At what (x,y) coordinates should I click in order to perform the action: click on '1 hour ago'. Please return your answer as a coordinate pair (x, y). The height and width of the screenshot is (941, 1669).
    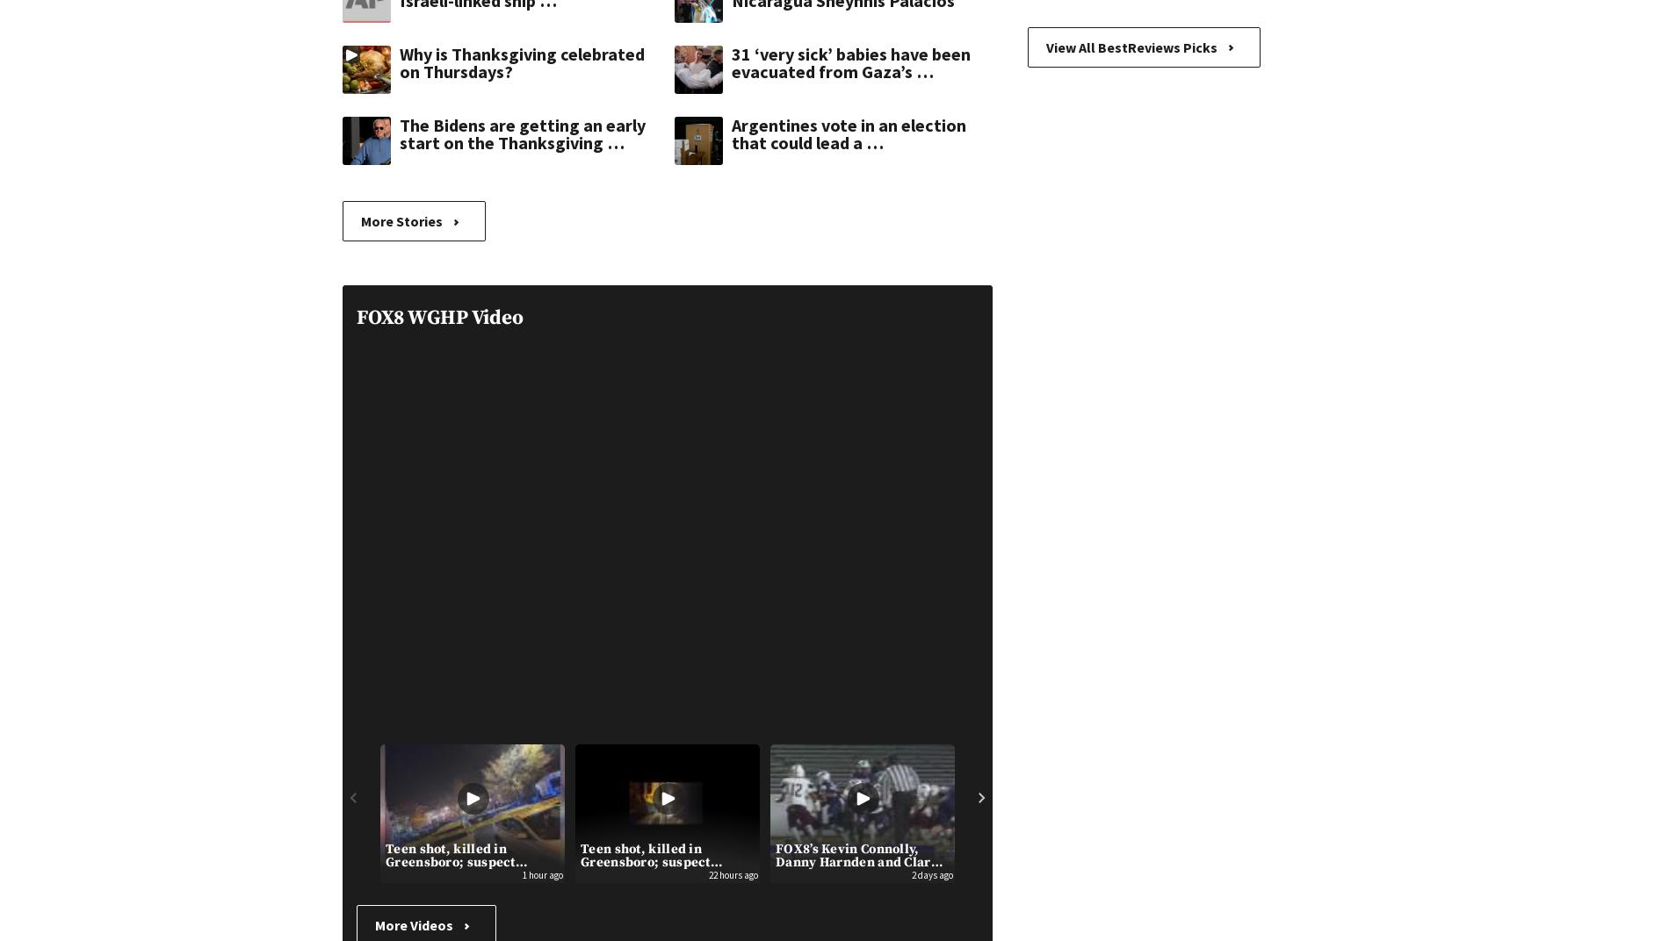
    Looking at the image, I should click on (543, 873).